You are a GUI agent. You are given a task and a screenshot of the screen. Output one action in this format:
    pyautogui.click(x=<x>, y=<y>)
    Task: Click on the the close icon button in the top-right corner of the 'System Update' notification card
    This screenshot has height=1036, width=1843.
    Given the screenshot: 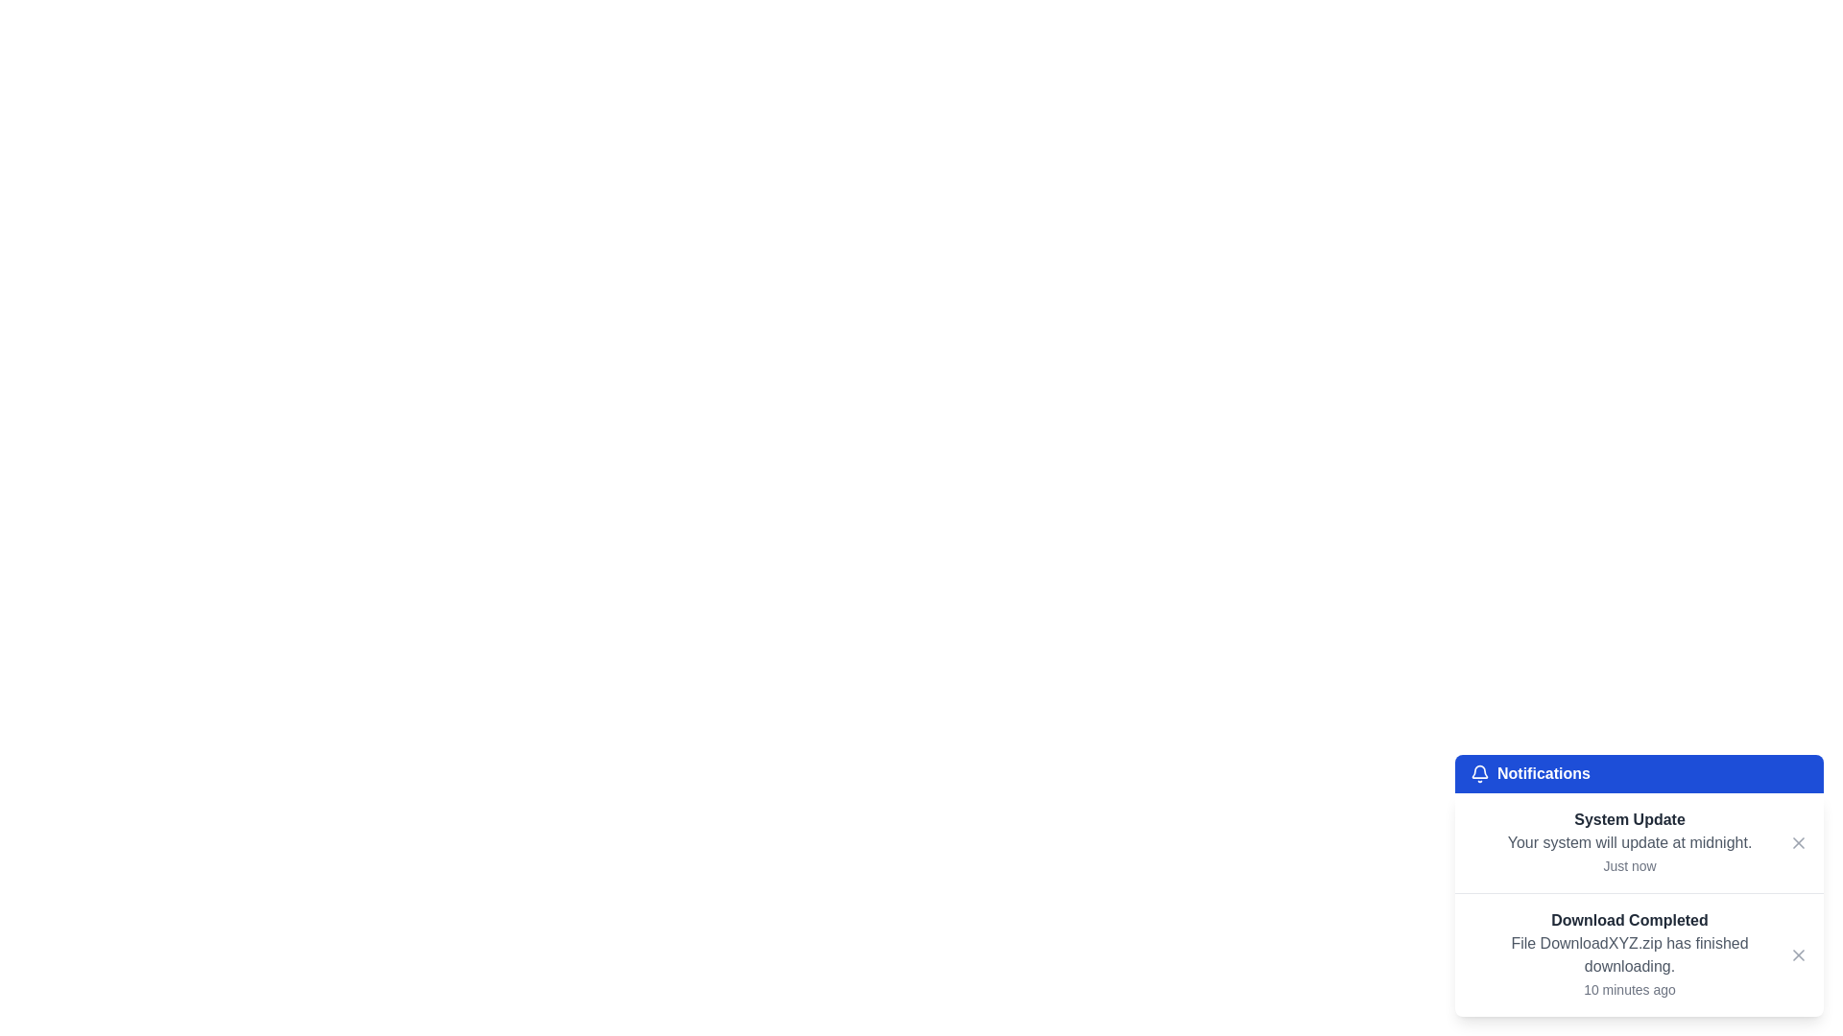 What is the action you would take?
    pyautogui.click(x=1797, y=842)
    